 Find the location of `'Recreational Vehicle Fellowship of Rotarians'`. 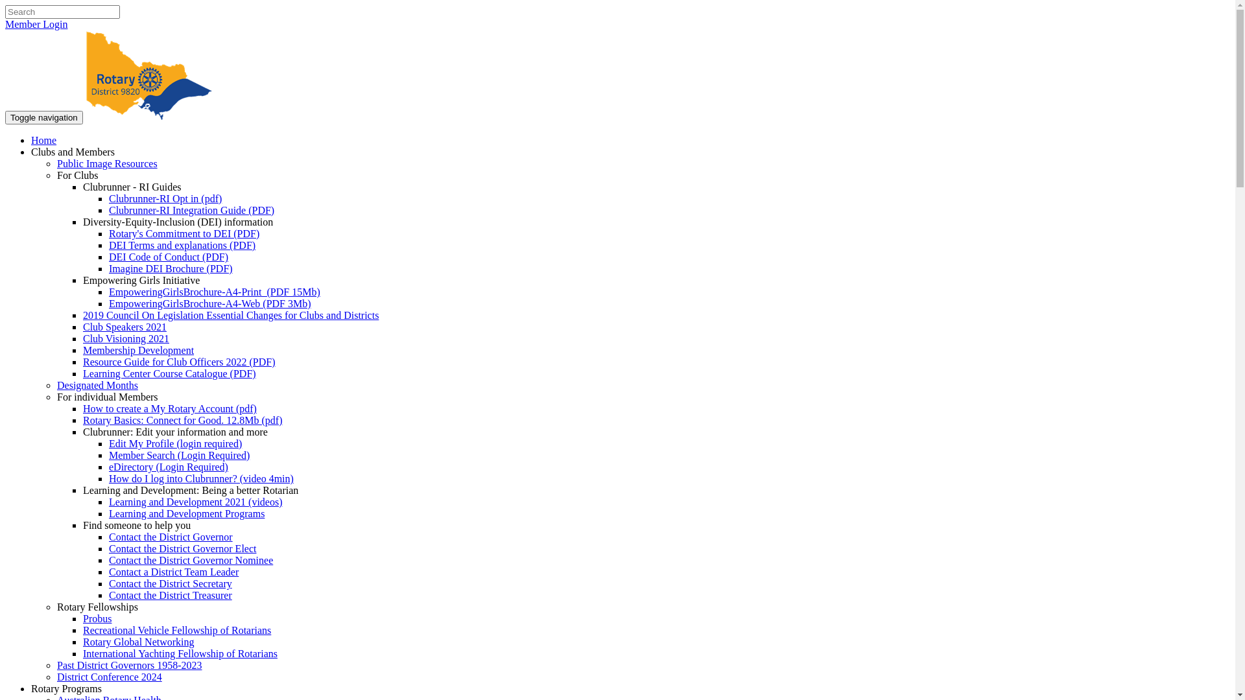

'Recreational Vehicle Fellowship of Rotarians' is located at coordinates (176, 629).